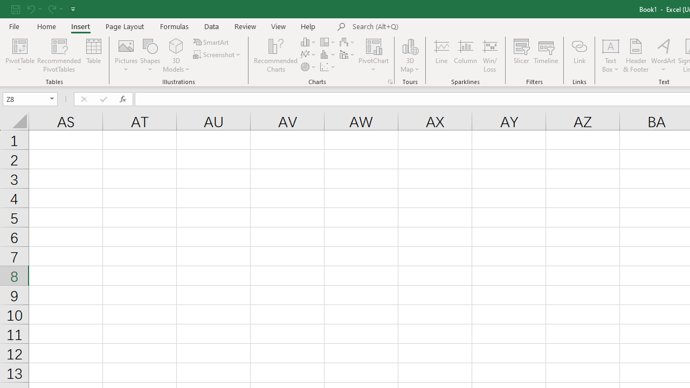 The width and height of the screenshot is (690, 388). Describe the element at coordinates (174, 26) in the screenshot. I see `'Formulas'` at that location.